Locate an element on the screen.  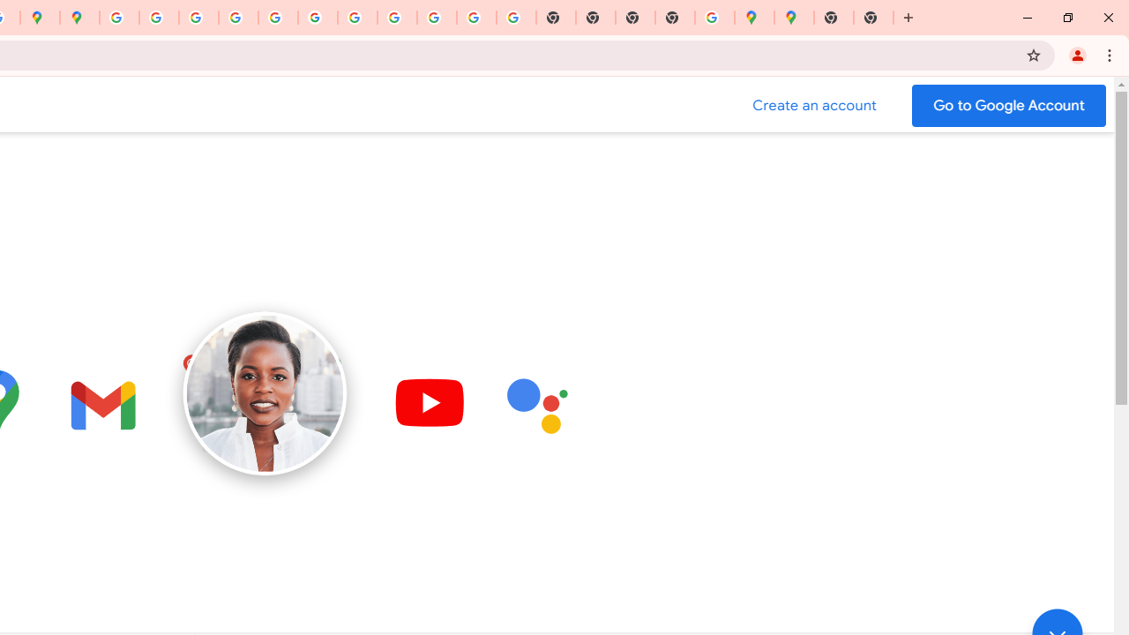
'YouTube' is located at coordinates (356, 18).